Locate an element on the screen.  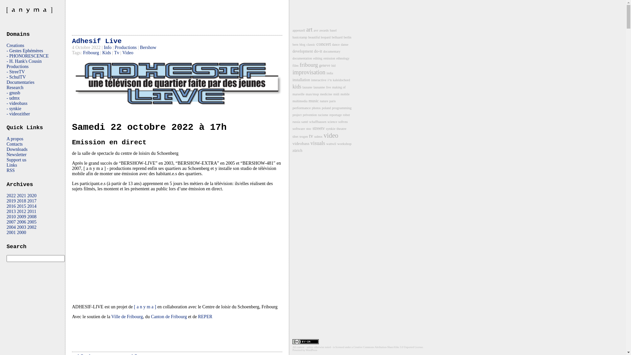
'2017' is located at coordinates (31, 201).